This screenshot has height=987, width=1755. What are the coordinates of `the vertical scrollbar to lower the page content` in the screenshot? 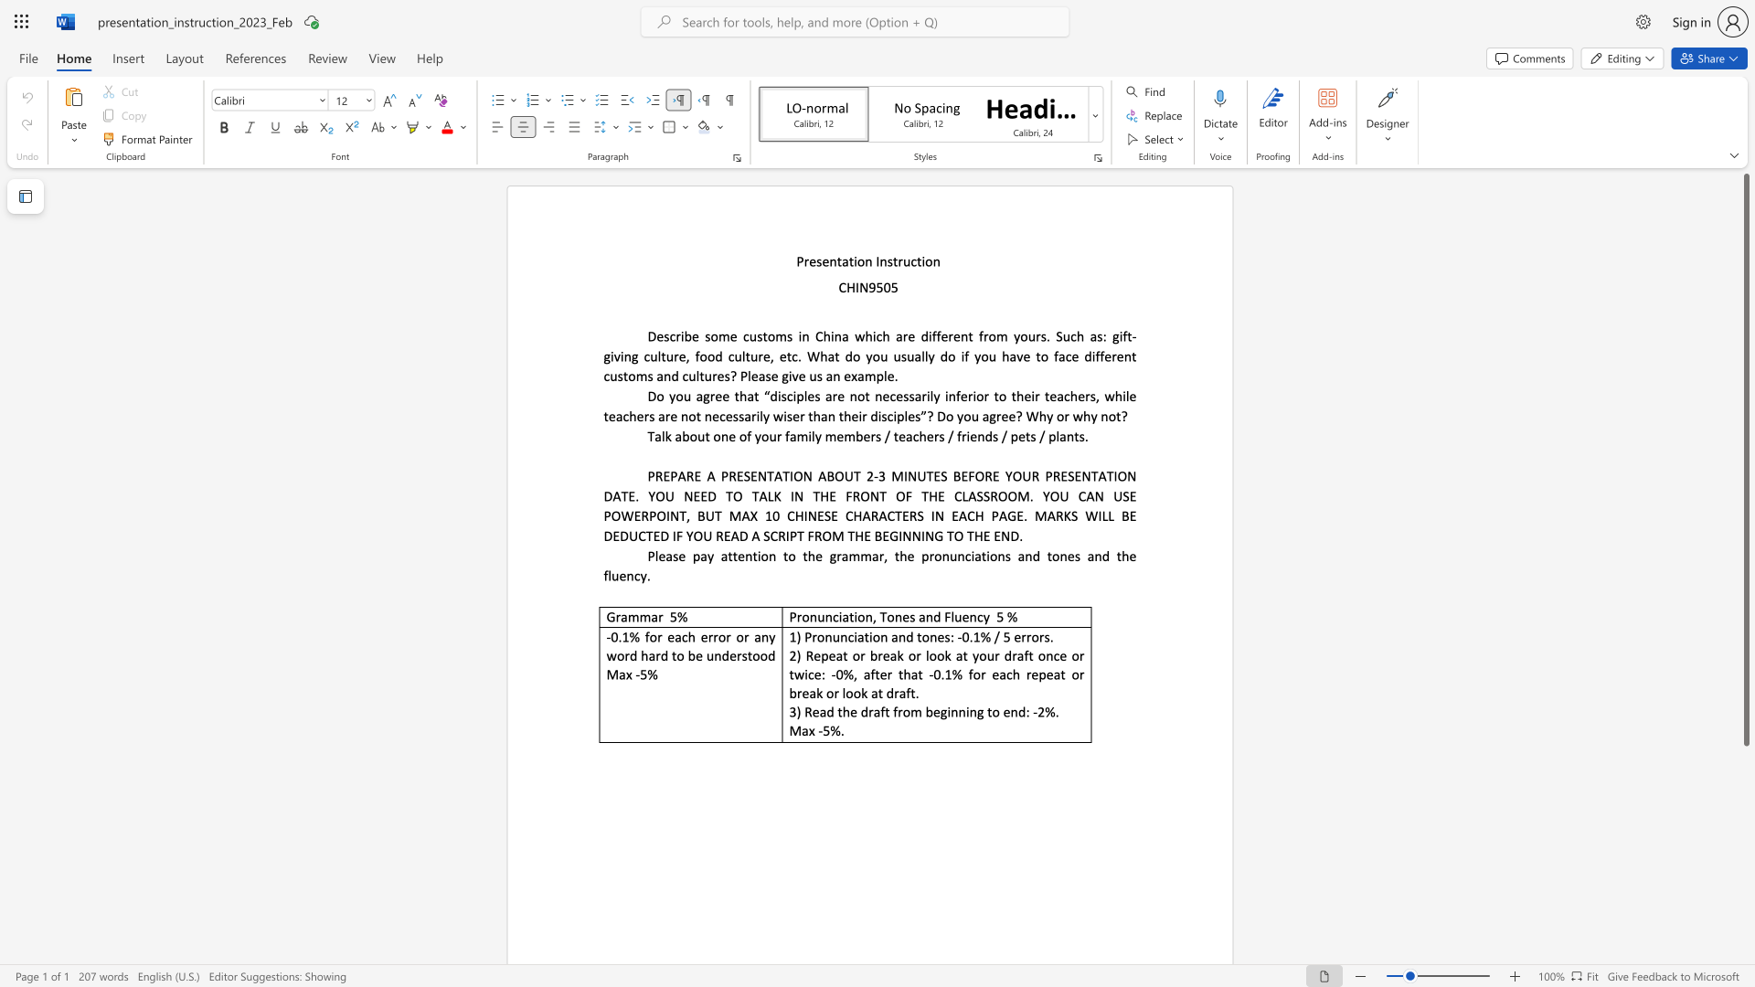 It's located at (1745, 905).